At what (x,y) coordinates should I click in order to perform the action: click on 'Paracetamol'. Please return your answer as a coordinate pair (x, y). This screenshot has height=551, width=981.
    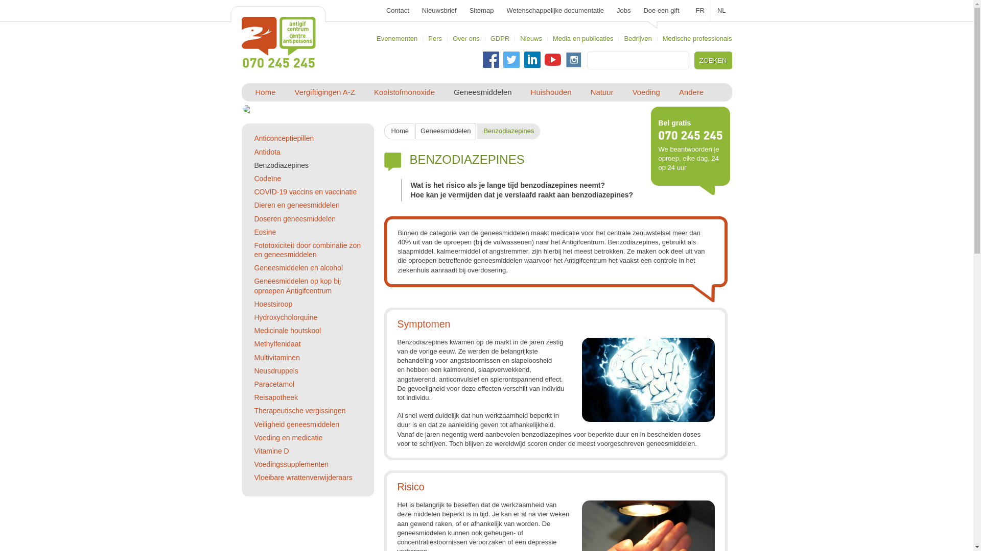
    Looking at the image, I should click on (254, 384).